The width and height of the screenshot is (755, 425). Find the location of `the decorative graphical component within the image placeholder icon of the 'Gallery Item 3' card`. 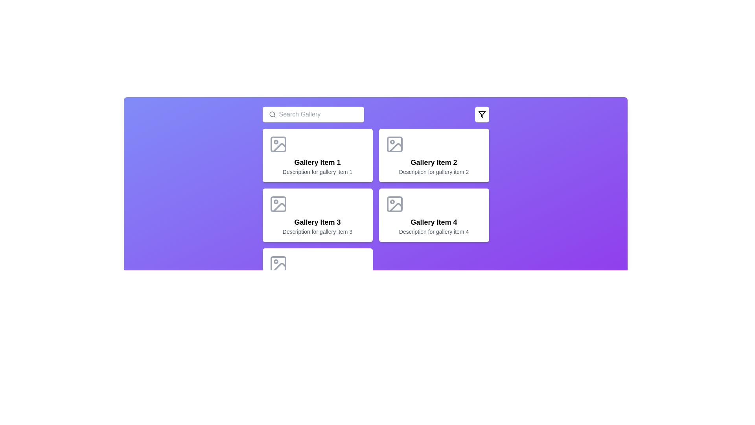

the decorative graphical component within the image placeholder icon of the 'Gallery Item 3' card is located at coordinates (278, 204).